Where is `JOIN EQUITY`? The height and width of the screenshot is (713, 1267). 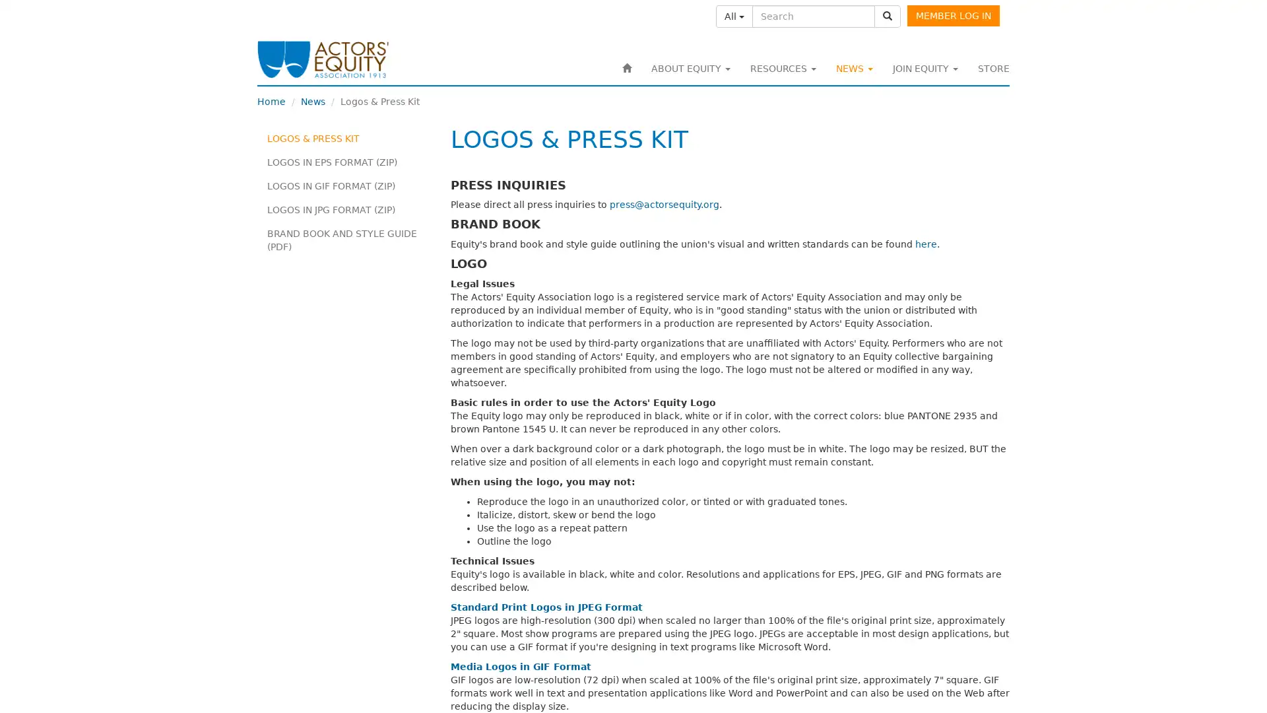
JOIN EQUITY is located at coordinates (925, 69).